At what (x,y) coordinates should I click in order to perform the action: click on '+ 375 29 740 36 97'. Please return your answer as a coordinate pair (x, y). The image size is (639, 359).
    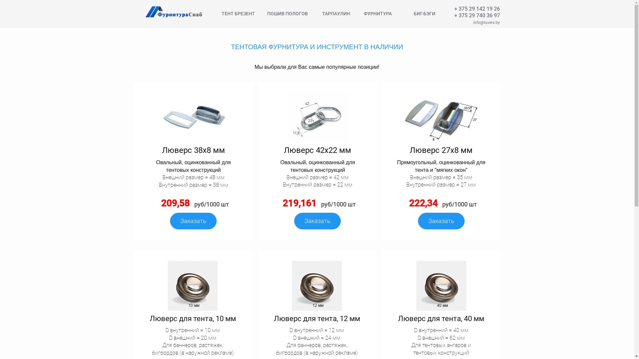
    Looking at the image, I should click on (477, 15).